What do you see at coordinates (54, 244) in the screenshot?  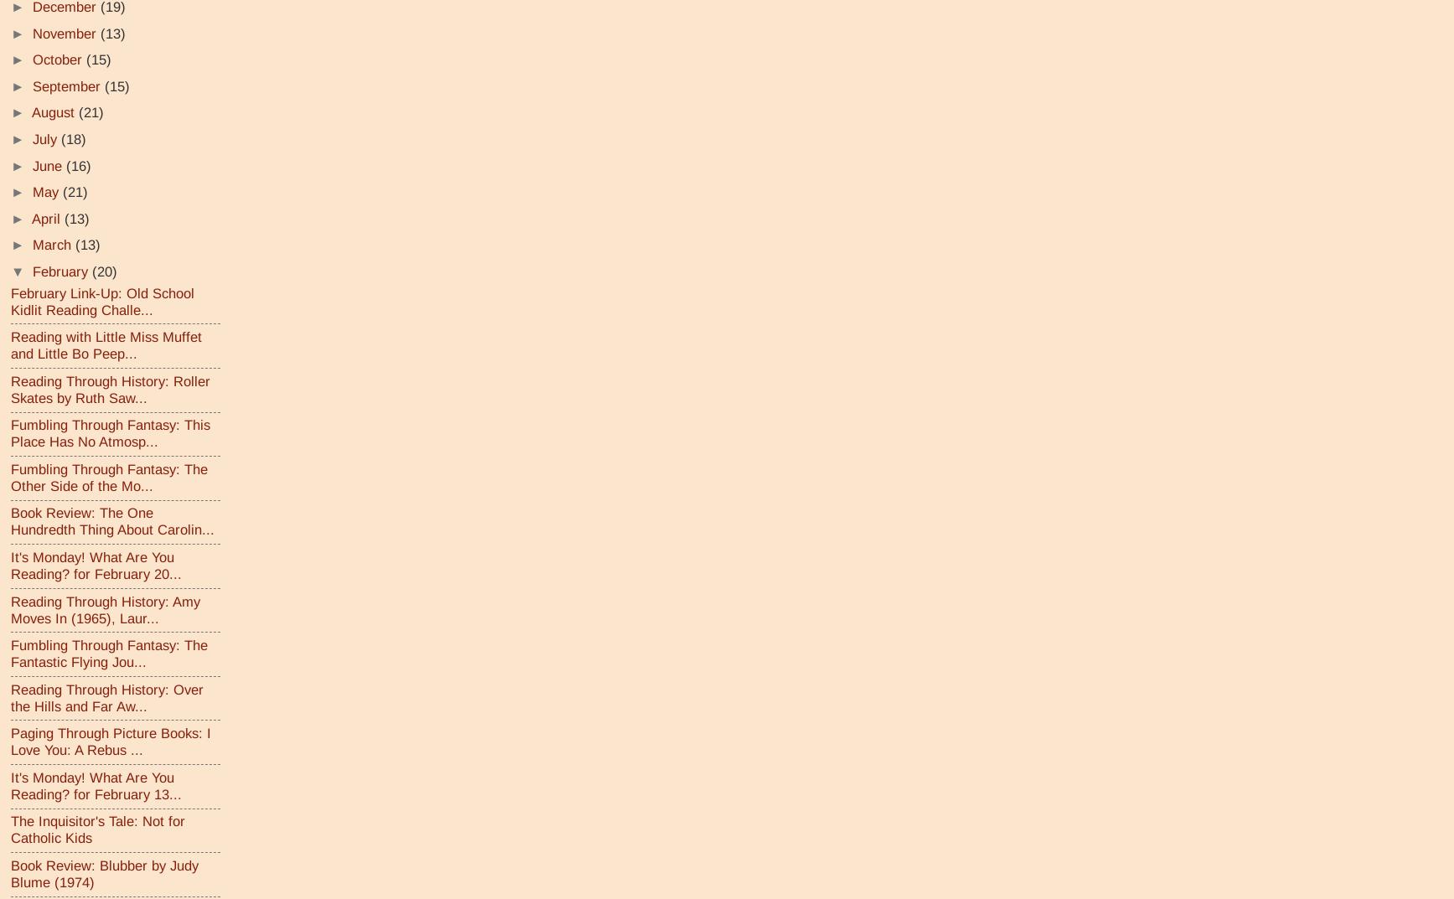 I see `'March'` at bounding box center [54, 244].